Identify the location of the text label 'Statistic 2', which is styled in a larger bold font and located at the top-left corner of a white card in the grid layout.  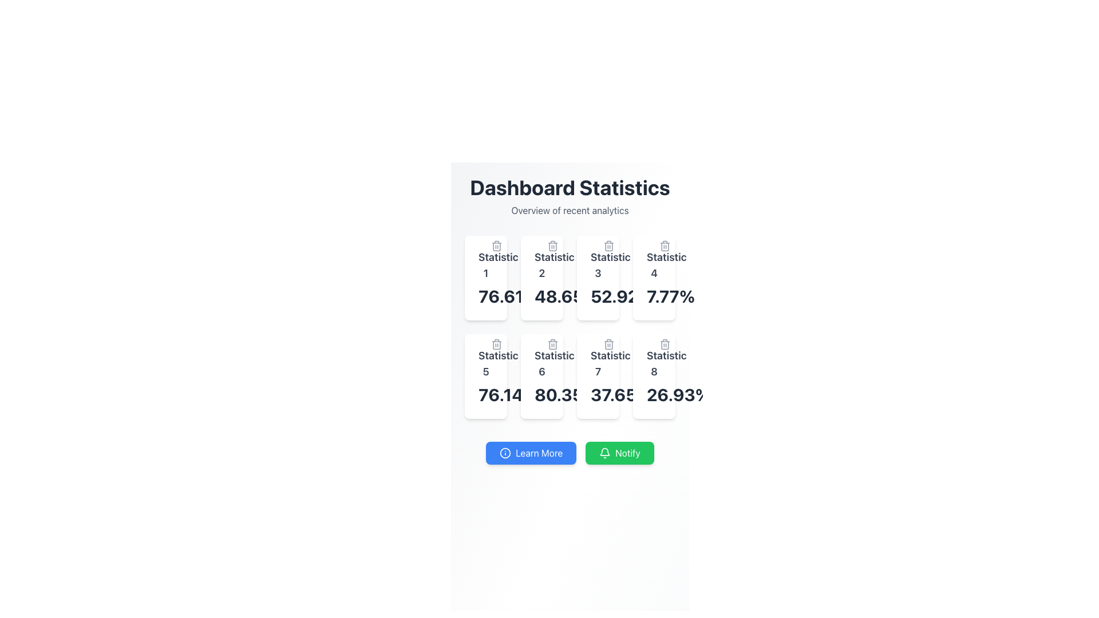
(541, 265).